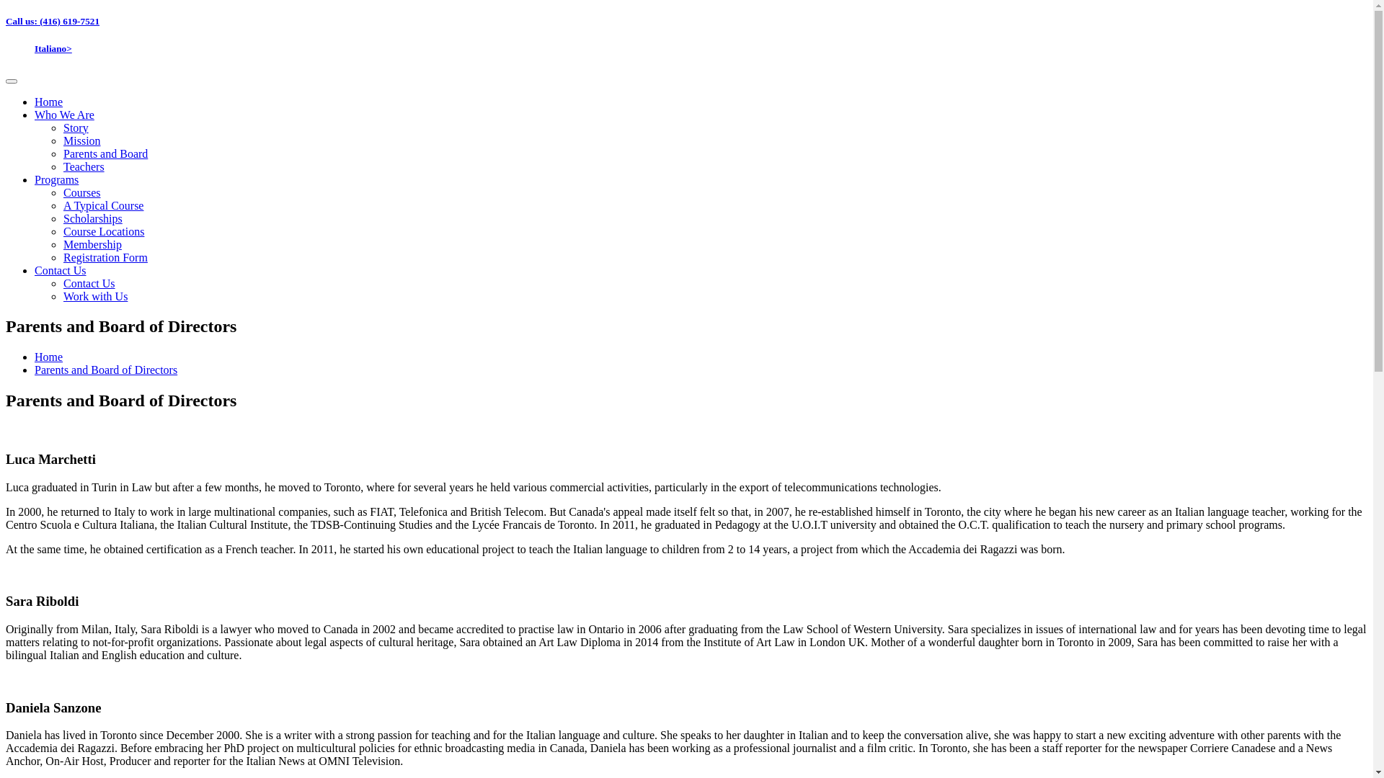 The height and width of the screenshot is (778, 1384). Describe the element at coordinates (59, 270) in the screenshot. I see `'Contact Us'` at that location.